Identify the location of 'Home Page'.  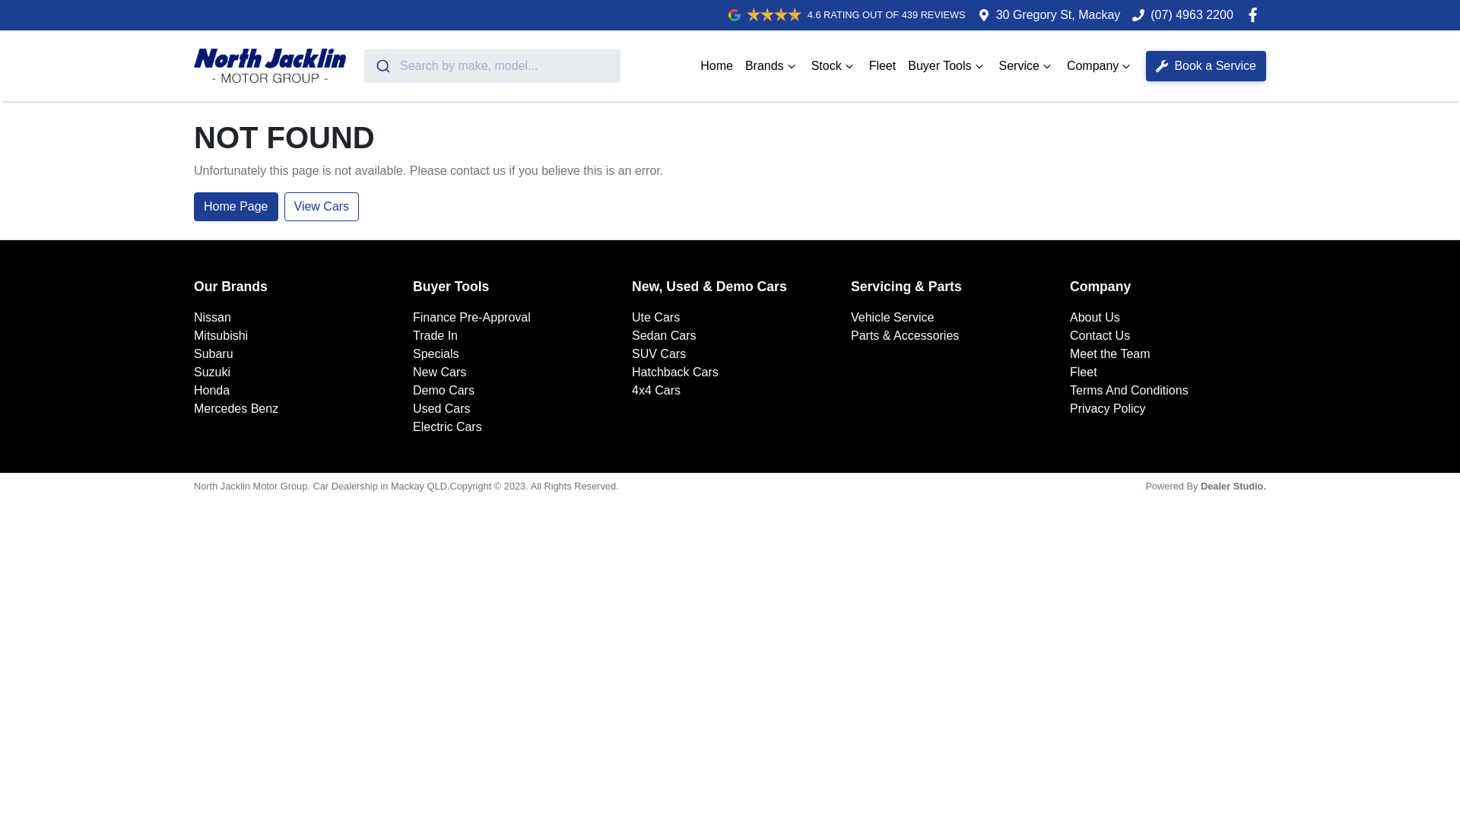
(235, 207).